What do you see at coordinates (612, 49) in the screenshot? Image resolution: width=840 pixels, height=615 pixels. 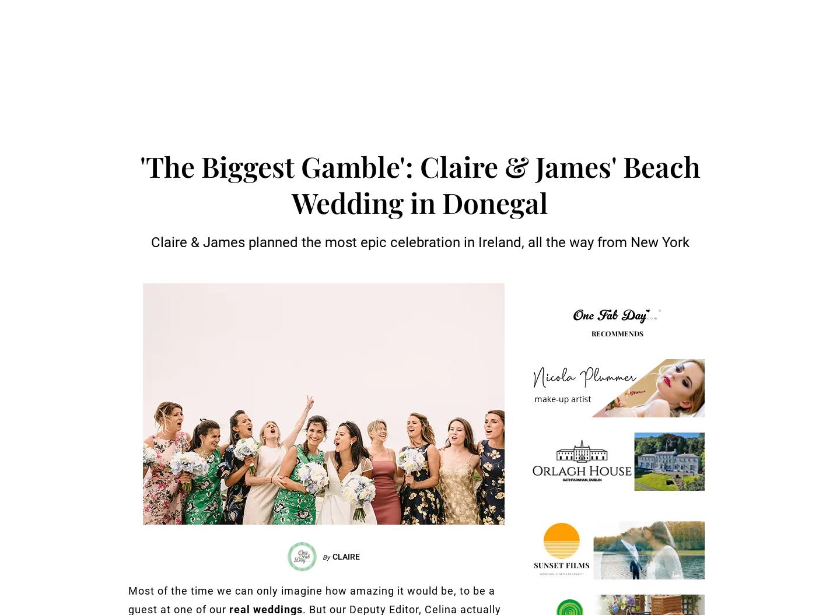 I see `'Wedding Essentials'` at bounding box center [612, 49].